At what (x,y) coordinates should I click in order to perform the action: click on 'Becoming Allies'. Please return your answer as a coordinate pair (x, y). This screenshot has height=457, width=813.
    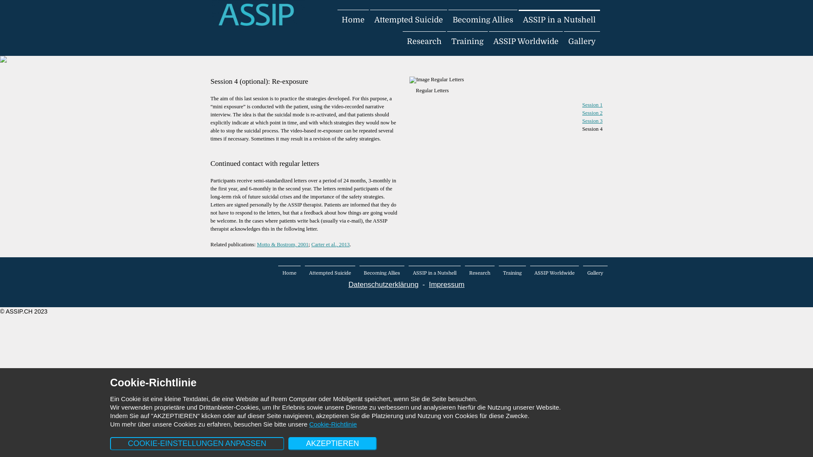
    Looking at the image, I should click on (483, 19).